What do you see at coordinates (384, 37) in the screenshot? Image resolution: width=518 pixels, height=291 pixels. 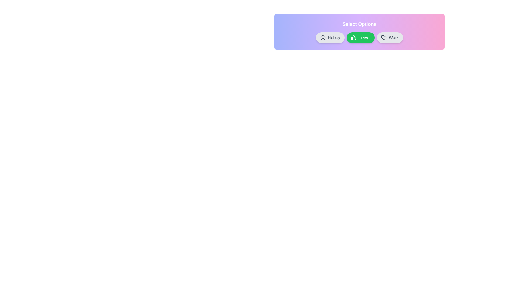 I see `the chip by clicking its icon. The chip can be specified by its label: Work` at bounding box center [384, 37].